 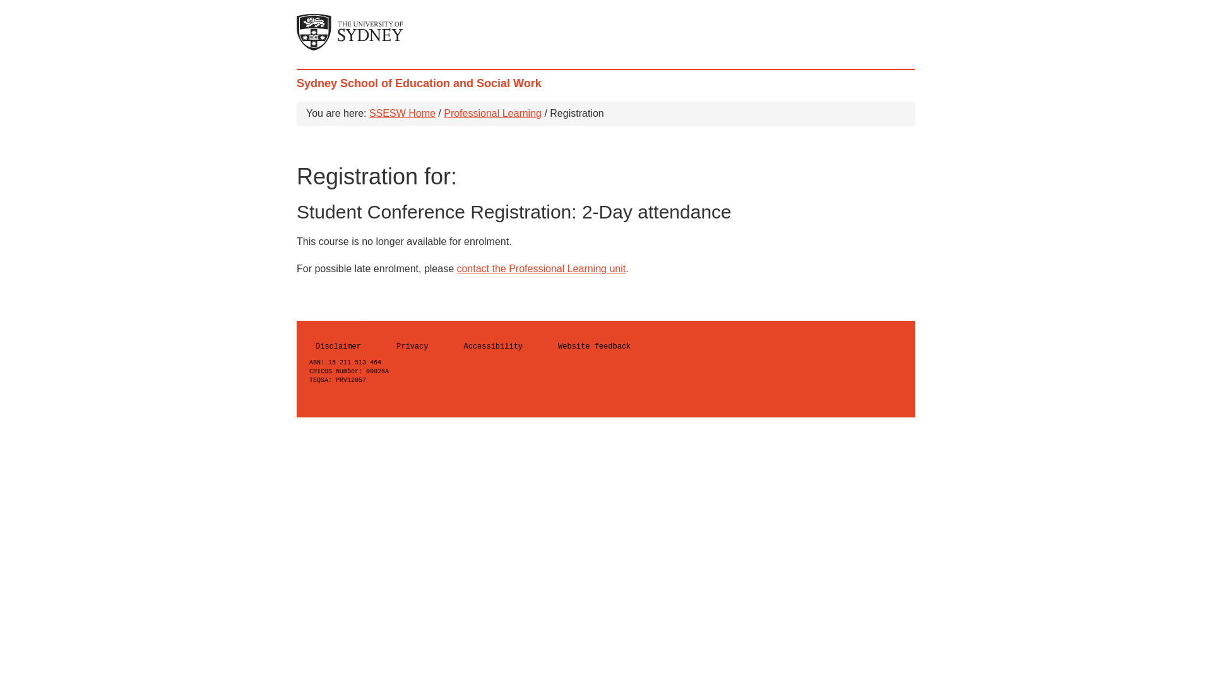 What do you see at coordinates (401, 112) in the screenshot?
I see `'SSESW Home'` at bounding box center [401, 112].